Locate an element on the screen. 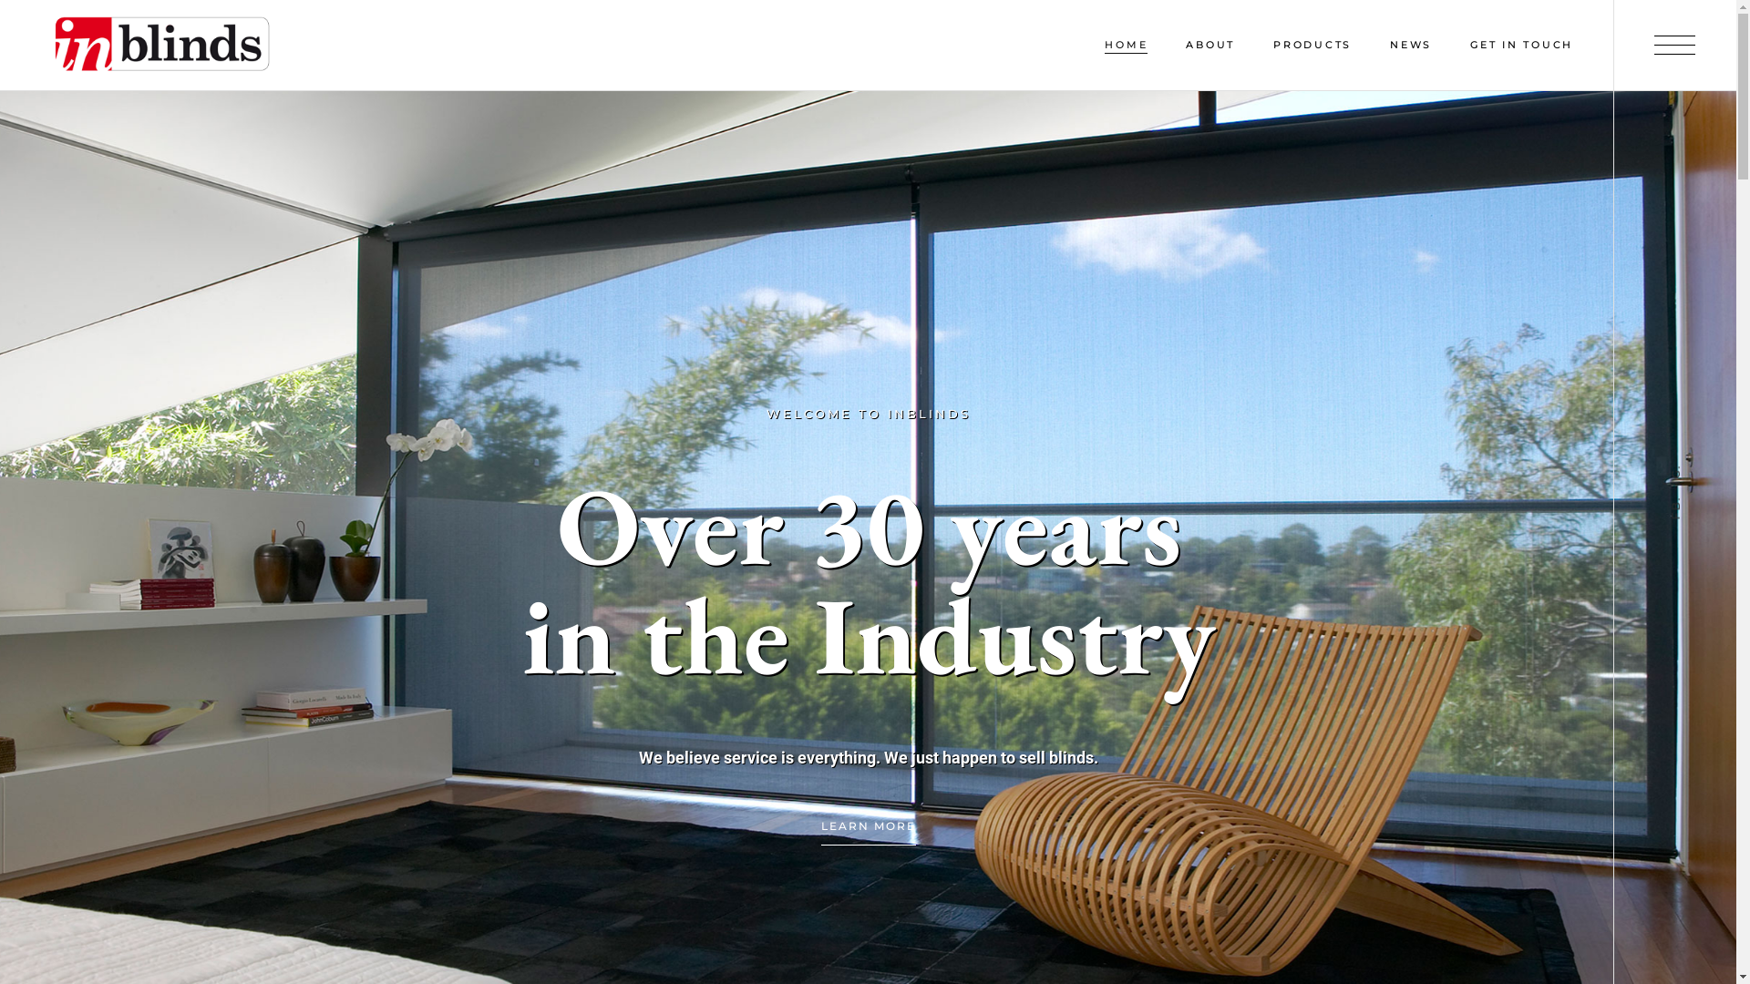 The height and width of the screenshot is (984, 1750). 'IG.' is located at coordinates (1679, 469).